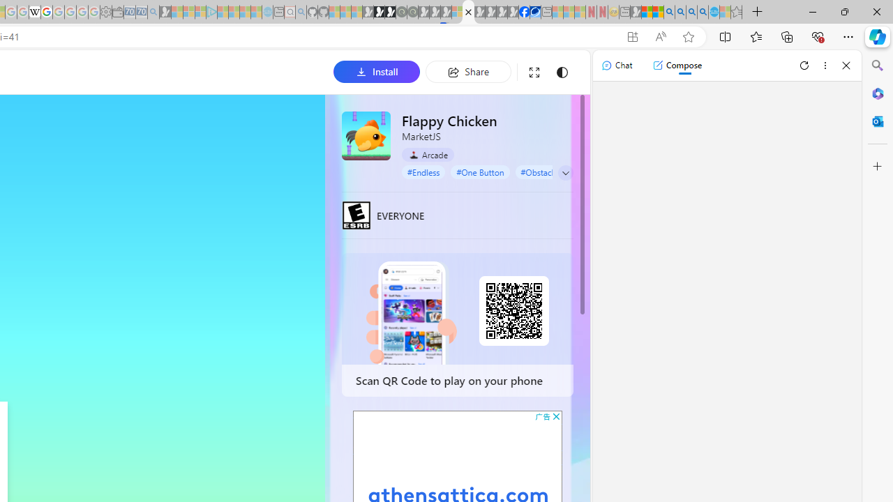 Image resolution: width=893 pixels, height=502 pixels. Describe the element at coordinates (523, 12) in the screenshot. I see `'Nordace | Facebook'` at that location.